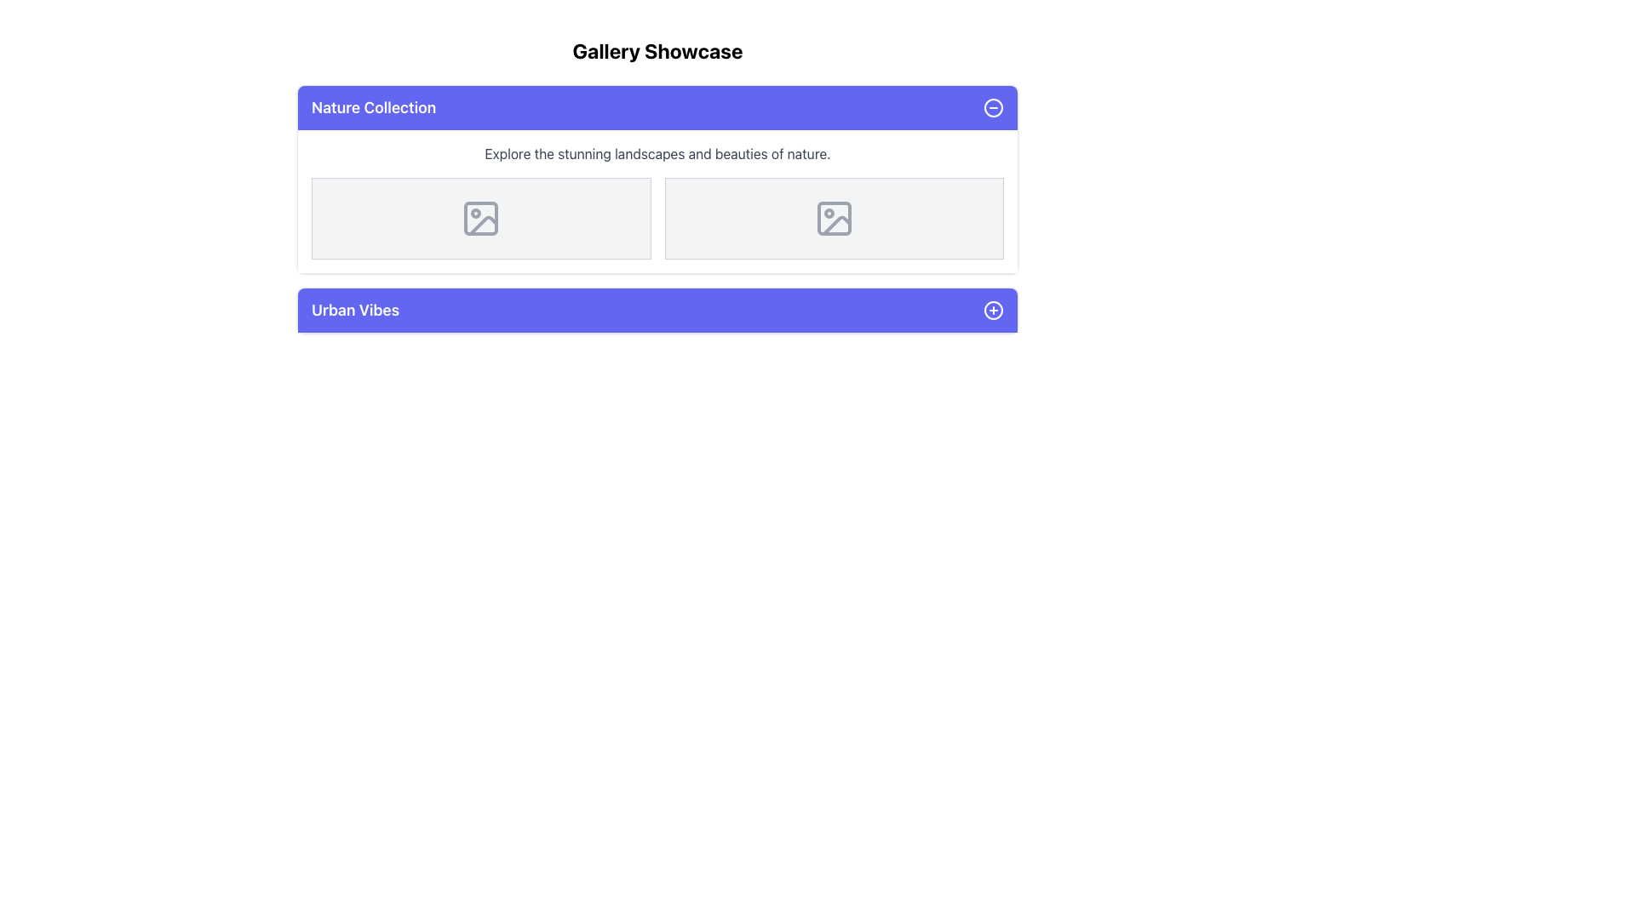 The width and height of the screenshot is (1635, 919). I want to click on the image placeholder icon, which is styled in light gray with rounded corners and depicts a mountain-like shape, located in the right panel of the 'Nature Collection' section, so click(834, 218).